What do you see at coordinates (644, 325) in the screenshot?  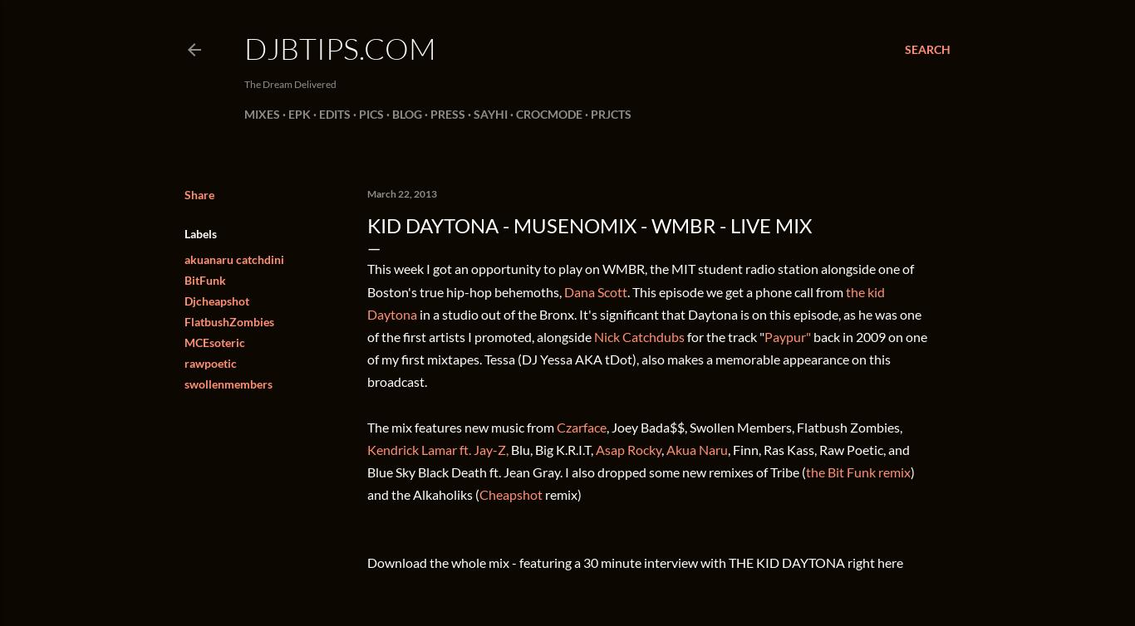 I see `'in a studio out of the Bronx.  It's significant that Daytona is on this episode, as he was one of the first artists I promoted, alongside'` at bounding box center [644, 325].